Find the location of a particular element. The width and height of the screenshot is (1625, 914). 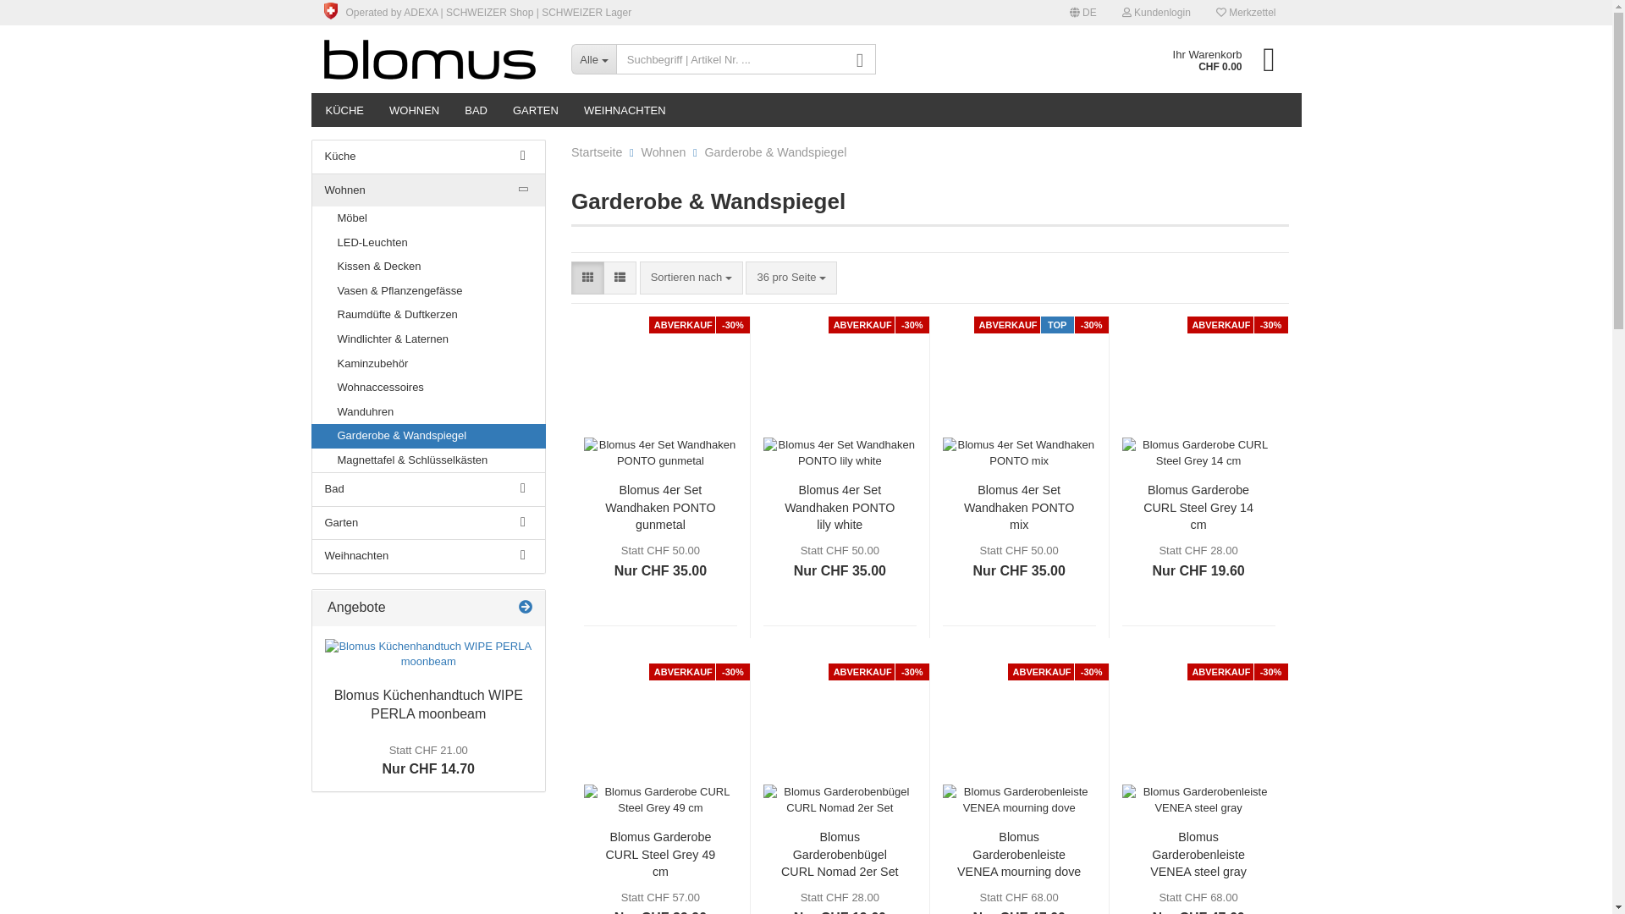

'Kissen & Decken' is located at coordinates (427, 267).